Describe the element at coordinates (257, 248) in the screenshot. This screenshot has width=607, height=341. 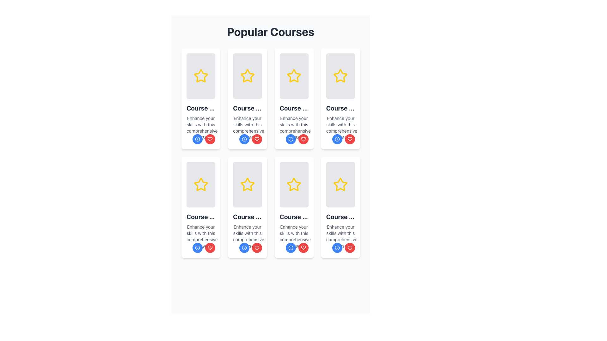
I see `the red heart icon located in the bottom right corner of the second course card in the second row to favorite the course` at that location.